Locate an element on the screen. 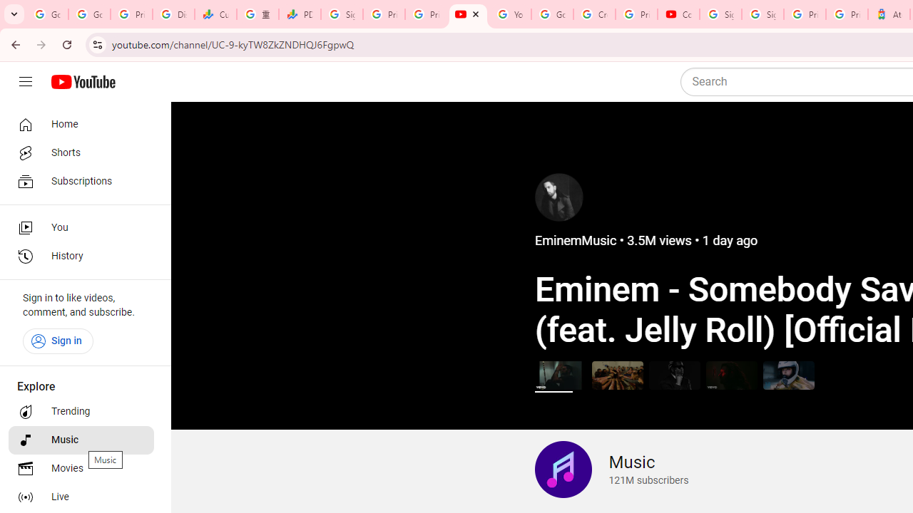 The height and width of the screenshot is (513, 913). 'Subscriptions' is located at coordinates (80, 180).